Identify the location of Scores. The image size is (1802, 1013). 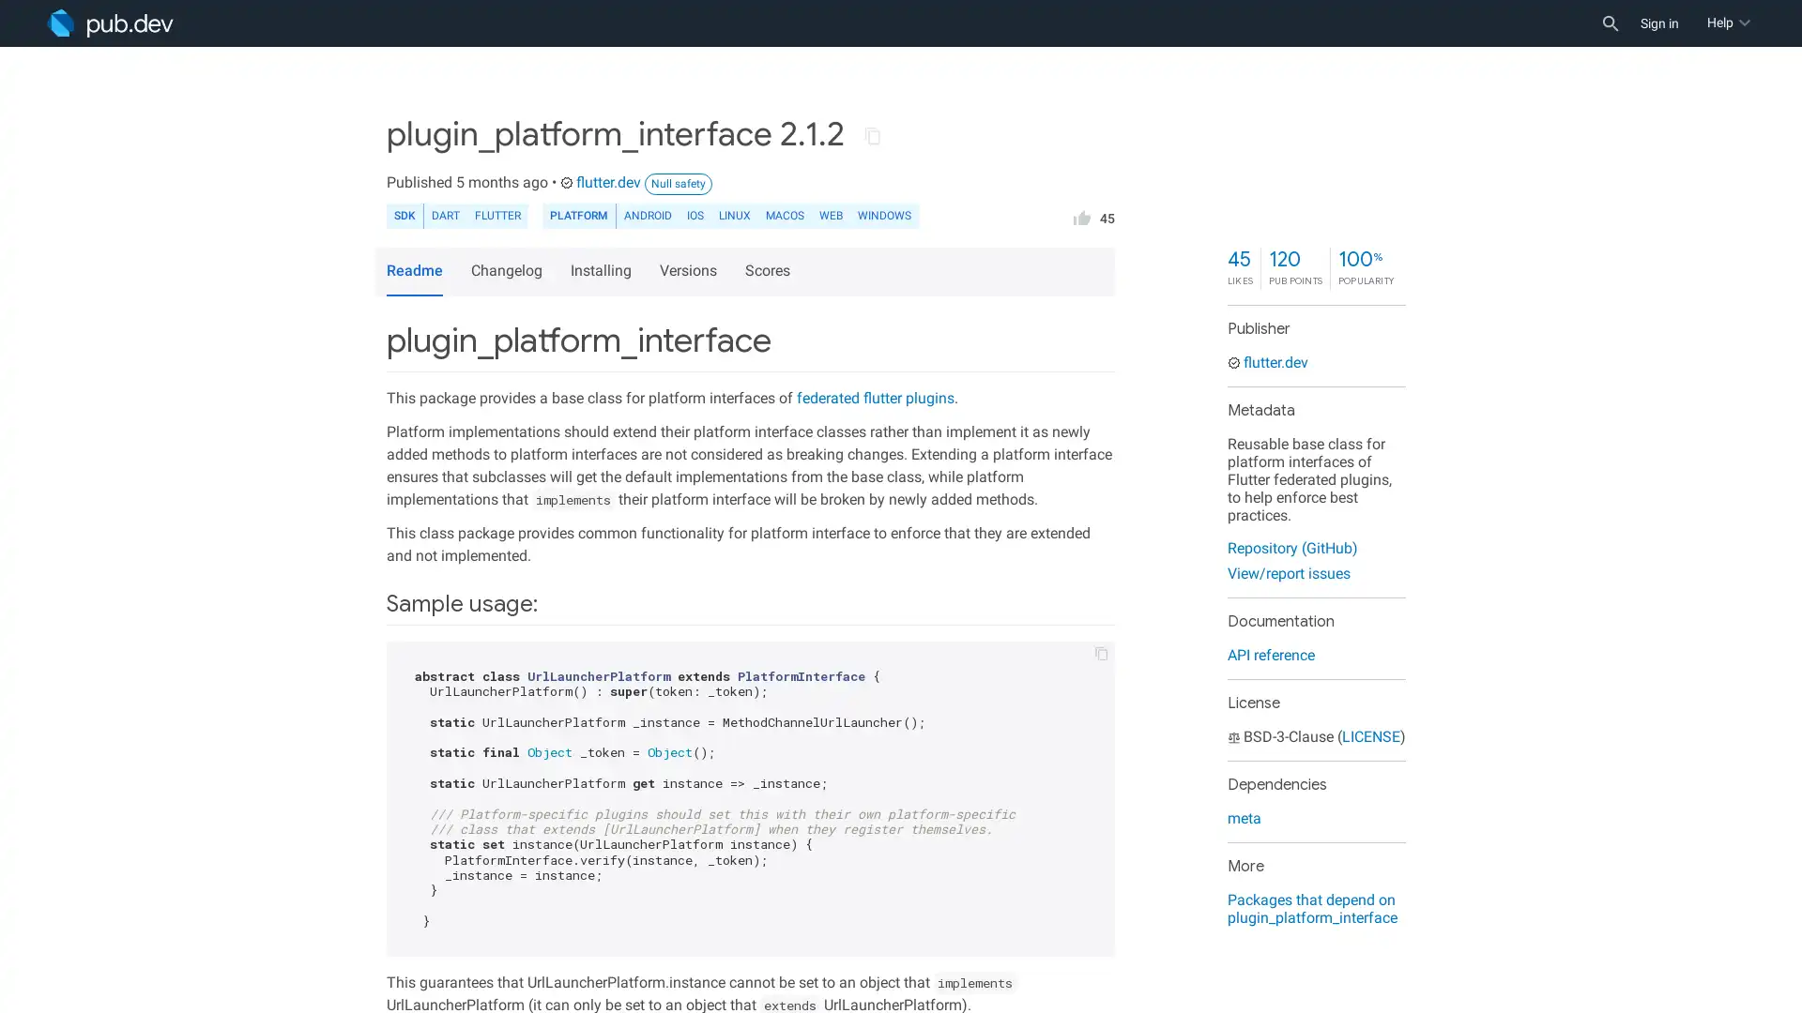
(770, 271).